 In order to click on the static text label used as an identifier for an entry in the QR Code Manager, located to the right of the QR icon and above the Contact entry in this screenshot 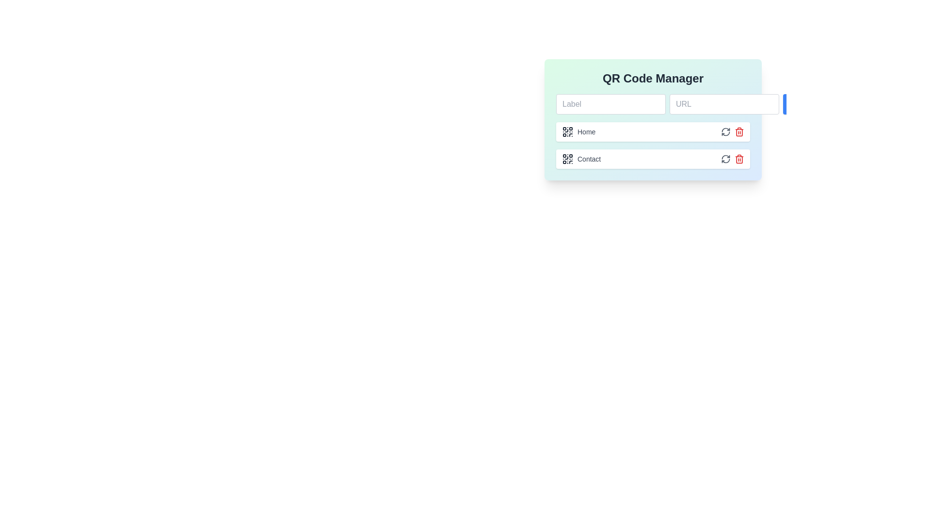, I will do `click(586, 132)`.